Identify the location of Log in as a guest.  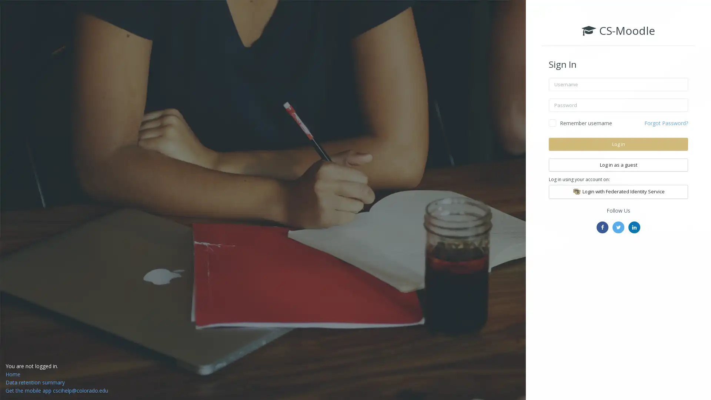
(618, 164).